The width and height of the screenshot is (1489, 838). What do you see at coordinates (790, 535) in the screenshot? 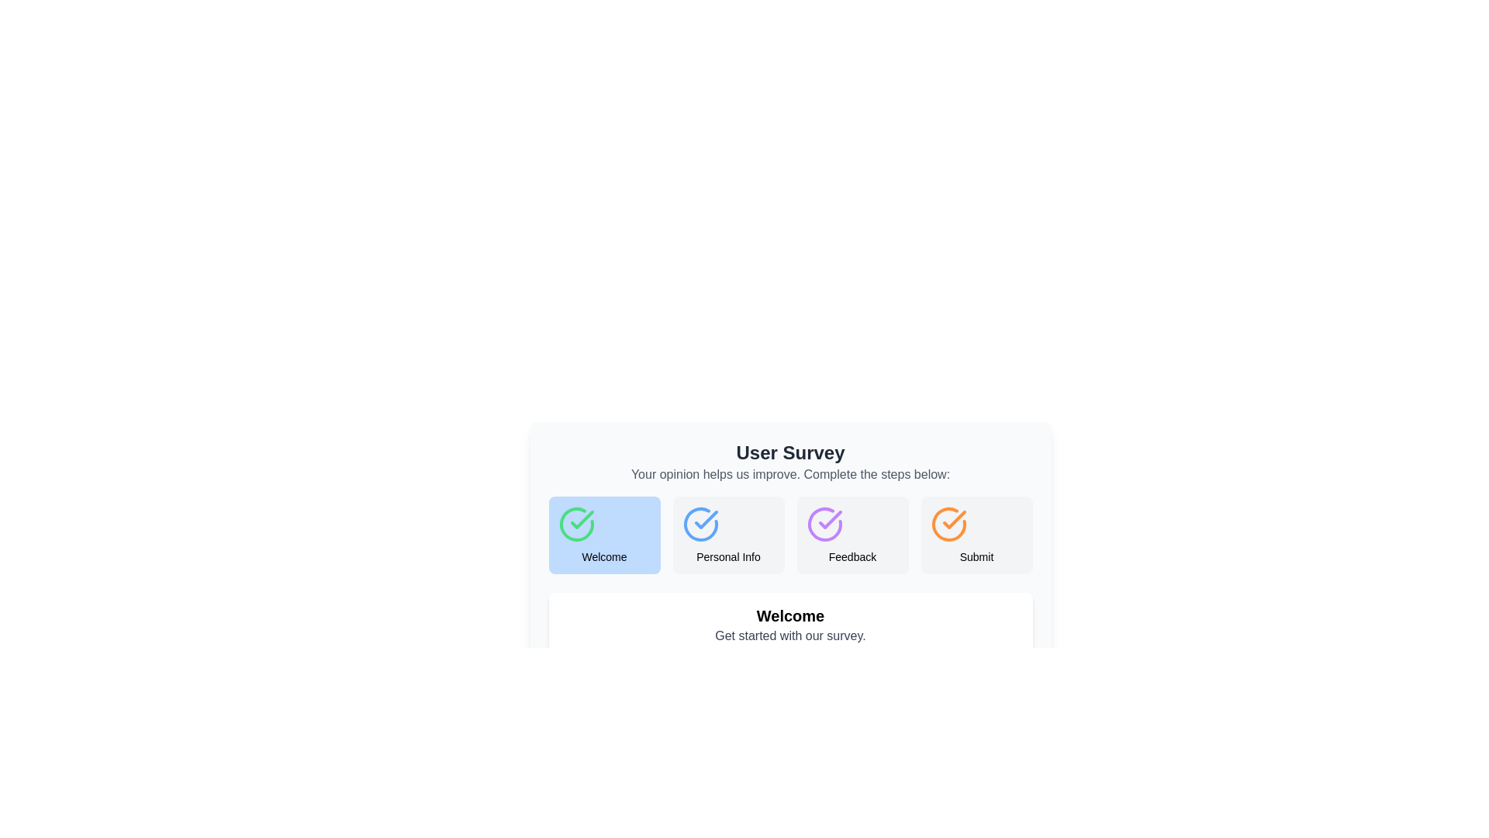
I see `the individual labels in the Progress indicator grid` at bounding box center [790, 535].